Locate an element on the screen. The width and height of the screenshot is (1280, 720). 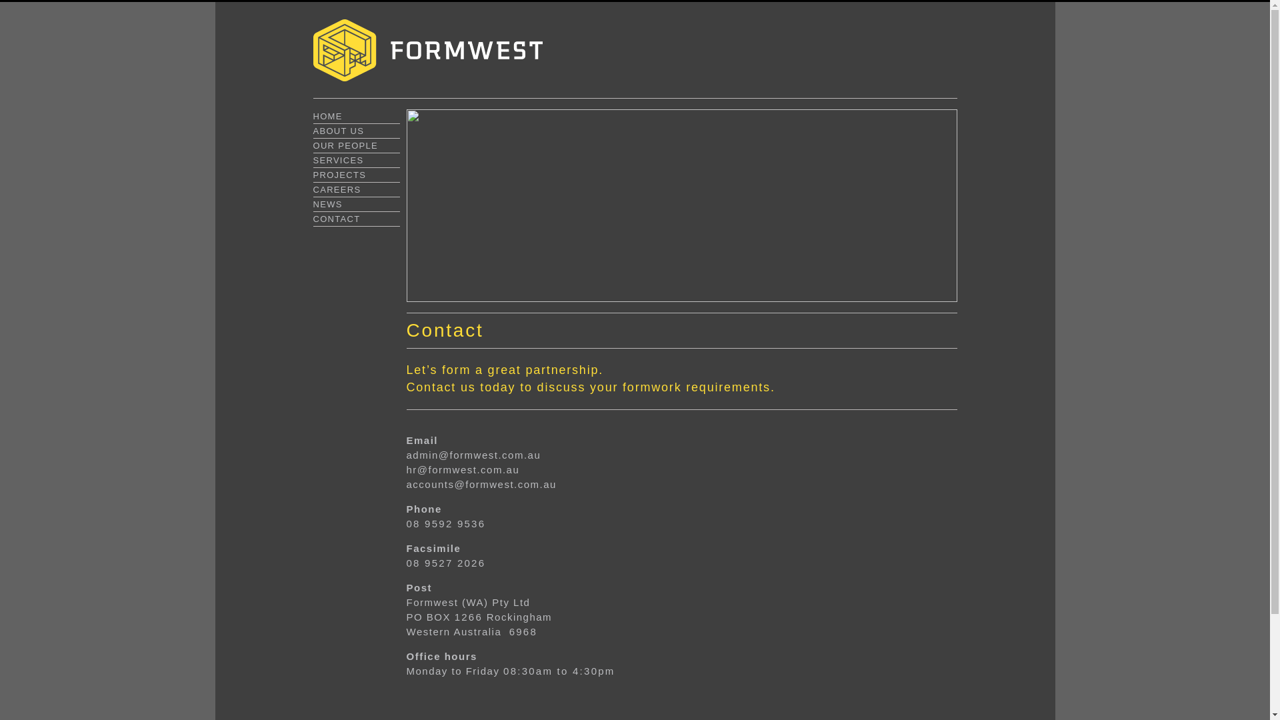
'OUR PEOPLE' is located at coordinates (345, 144).